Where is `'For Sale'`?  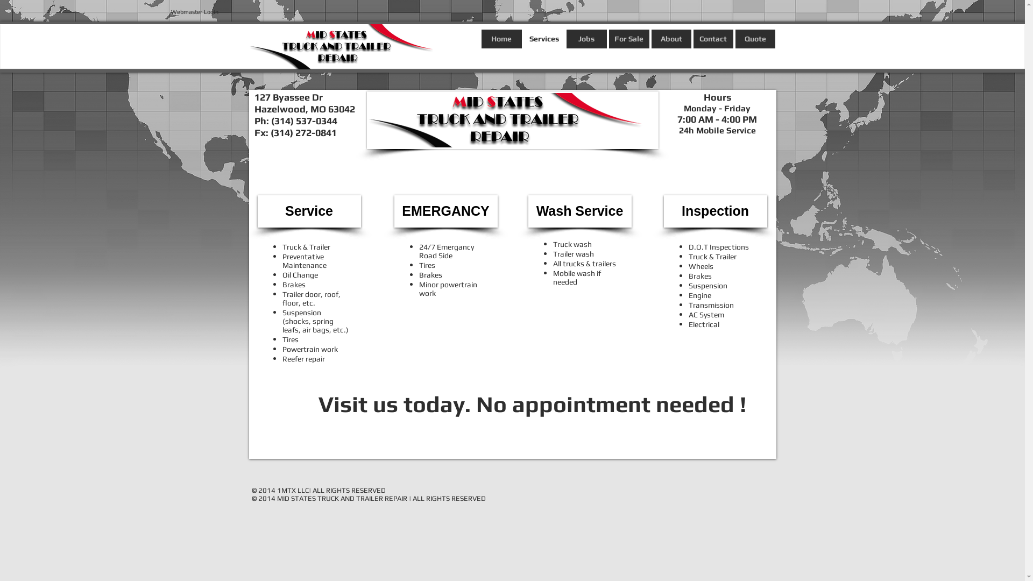
'For Sale' is located at coordinates (629, 38).